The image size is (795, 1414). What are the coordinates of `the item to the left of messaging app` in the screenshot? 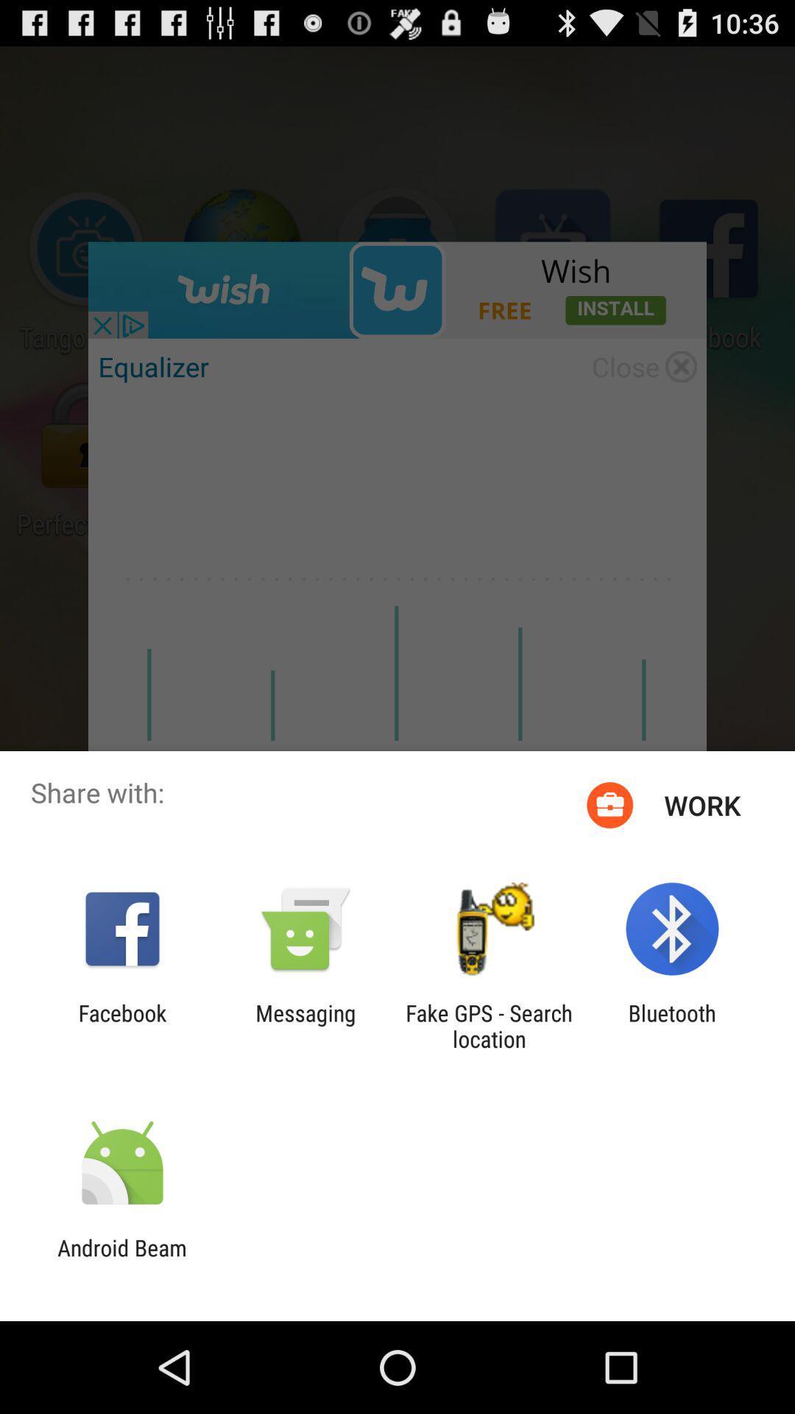 It's located at (121, 1025).